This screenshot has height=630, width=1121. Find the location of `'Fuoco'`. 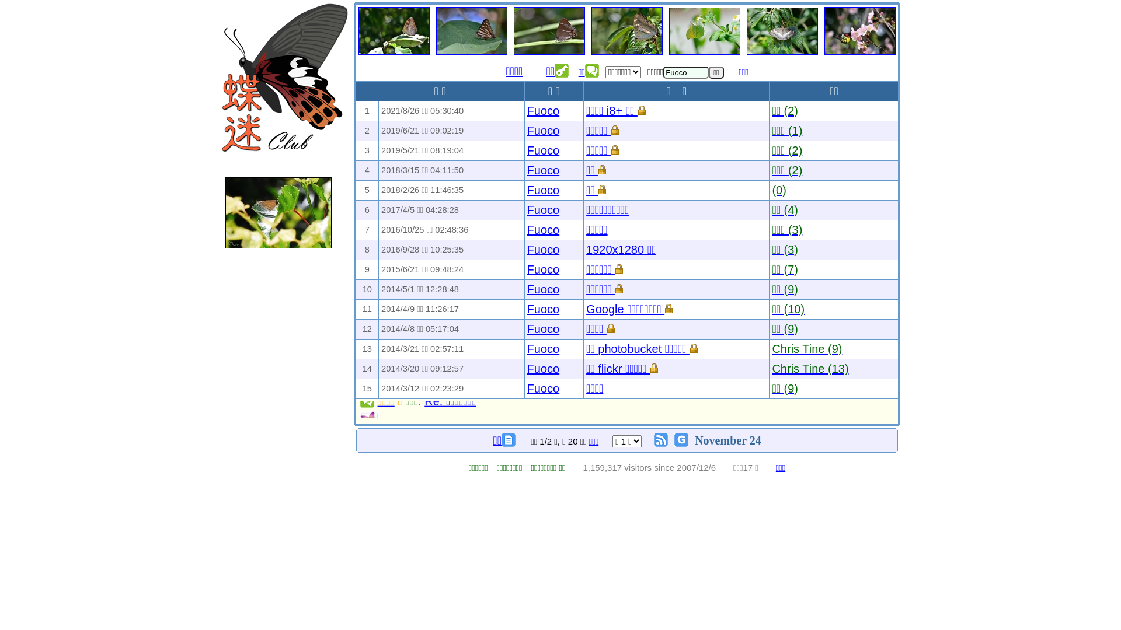

'Fuoco' is located at coordinates (526, 209).